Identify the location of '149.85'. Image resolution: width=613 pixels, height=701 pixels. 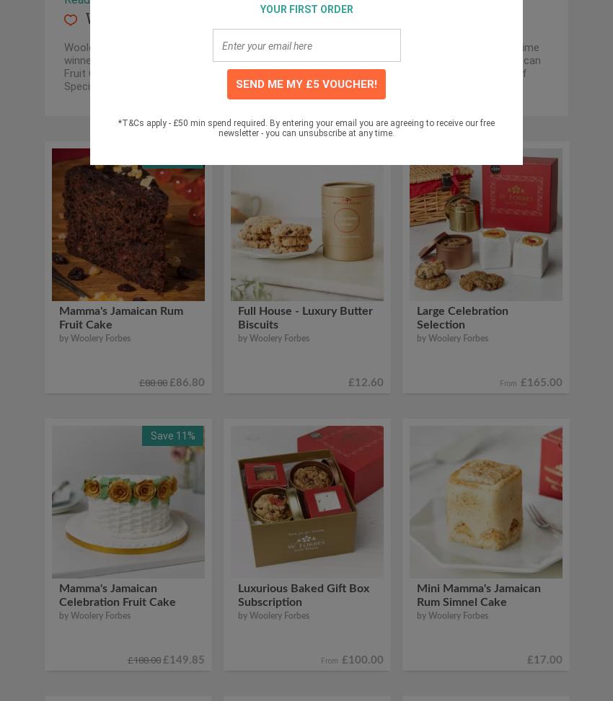
(185, 659).